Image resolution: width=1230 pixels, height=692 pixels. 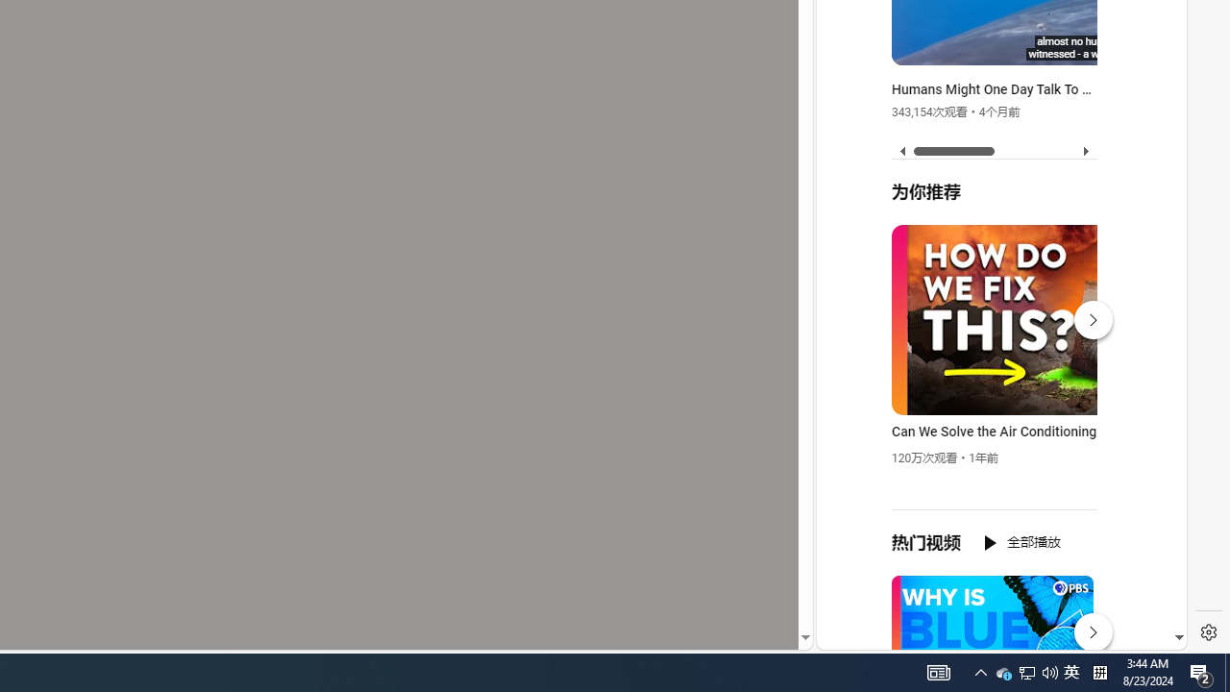 What do you see at coordinates (994, 414) in the screenshot?
I see `'YouTube'` at bounding box center [994, 414].